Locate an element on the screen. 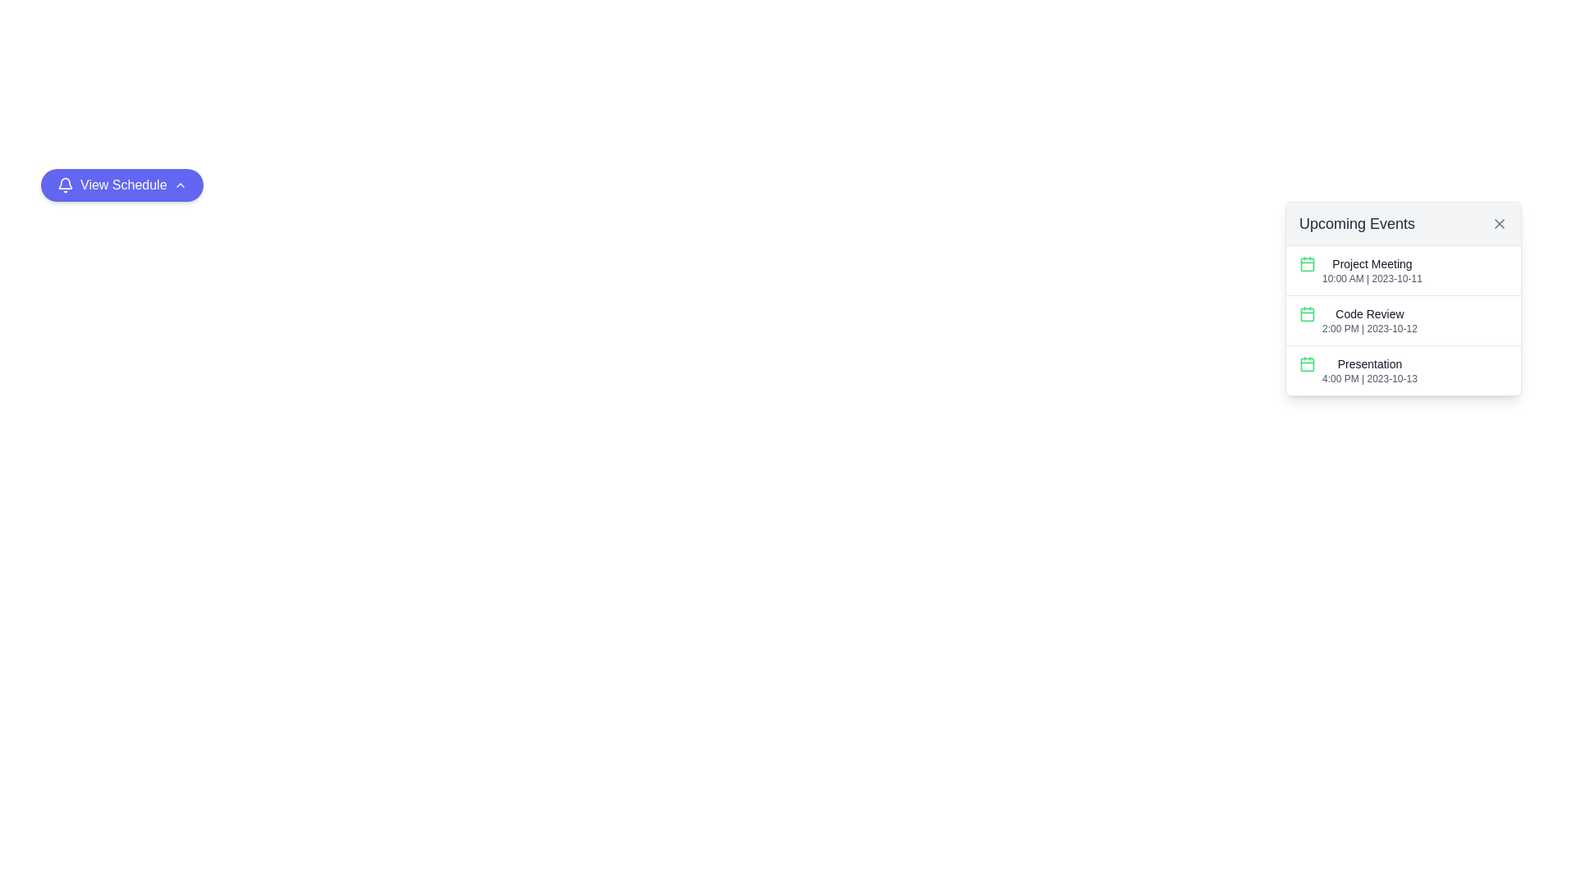  the static text label displaying 'Presentation' which is styled in gray and is the third entry in the upcoming events list is located at coordinates (1369, 363).